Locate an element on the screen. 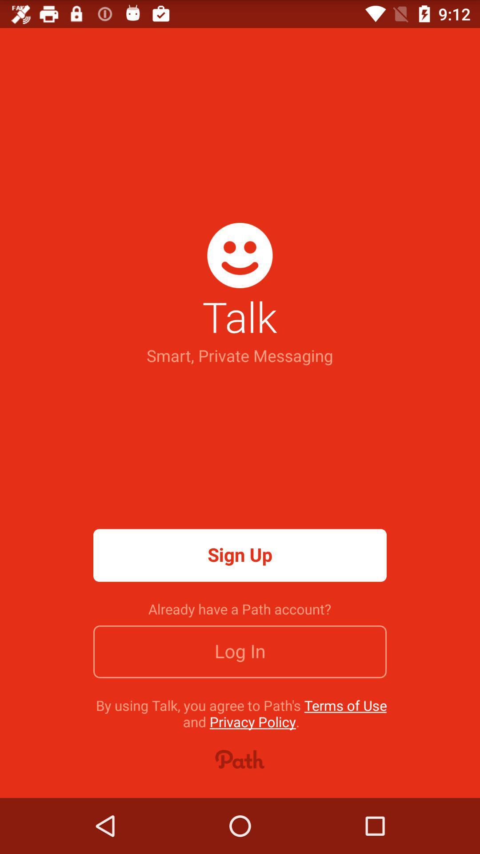 The image size is (480, 854). icon below the log in icon is located at coordinates (241, 713).